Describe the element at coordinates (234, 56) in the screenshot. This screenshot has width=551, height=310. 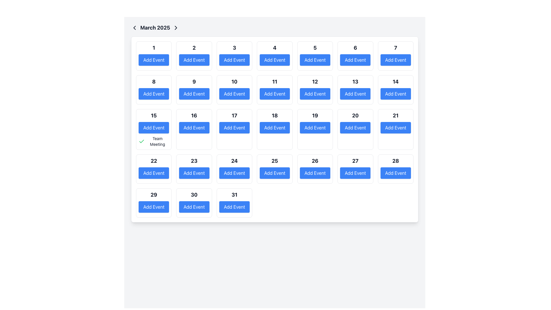
I see `the blue rectangular button labeled 'Add Event', which is part of the composite element displaying the number '3' in bold` at that location.